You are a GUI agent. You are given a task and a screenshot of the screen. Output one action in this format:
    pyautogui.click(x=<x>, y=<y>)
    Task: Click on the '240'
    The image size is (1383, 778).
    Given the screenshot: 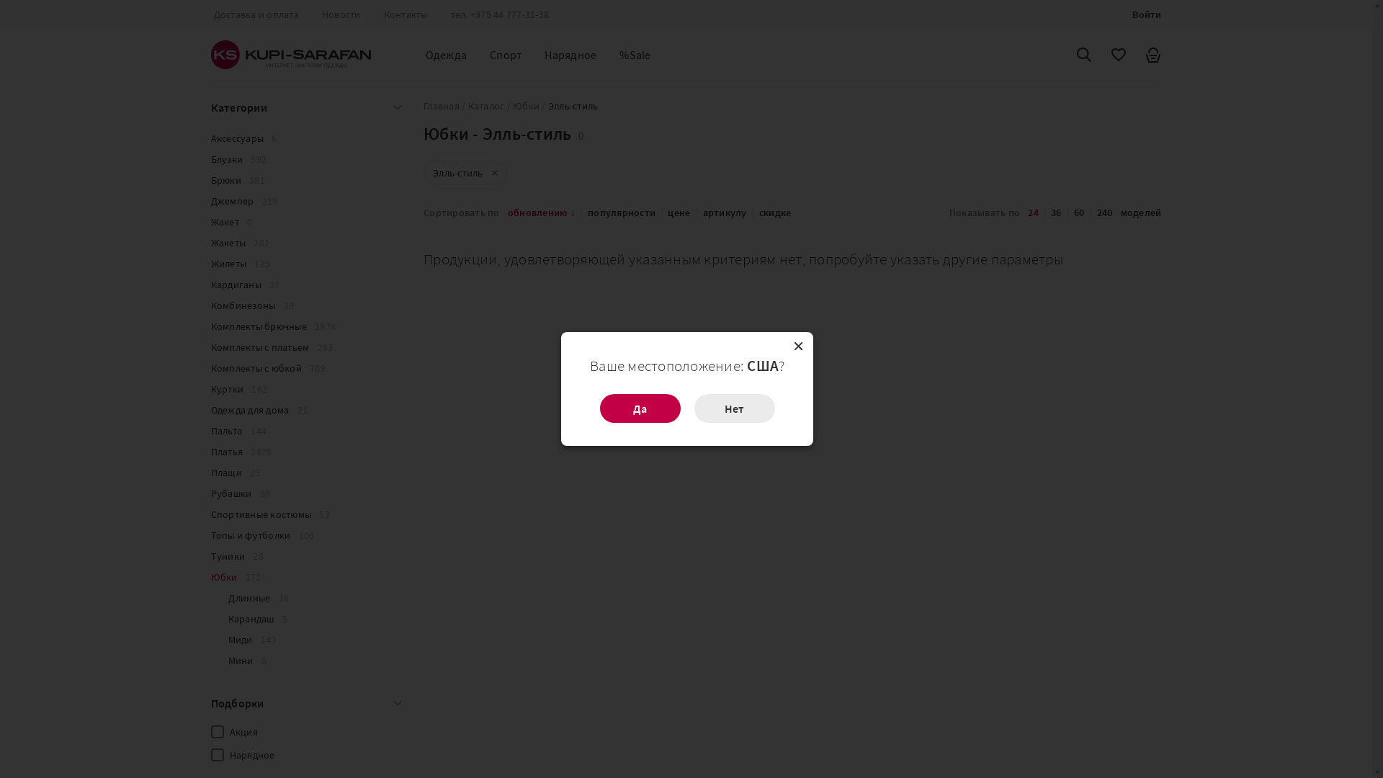 What is the action you would take?
    pyautogui.click(x=1104, y=212)
    